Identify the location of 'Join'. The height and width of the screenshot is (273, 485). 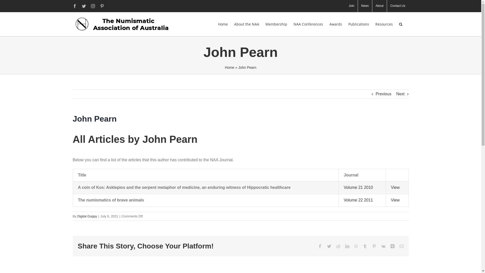
(351, 6).